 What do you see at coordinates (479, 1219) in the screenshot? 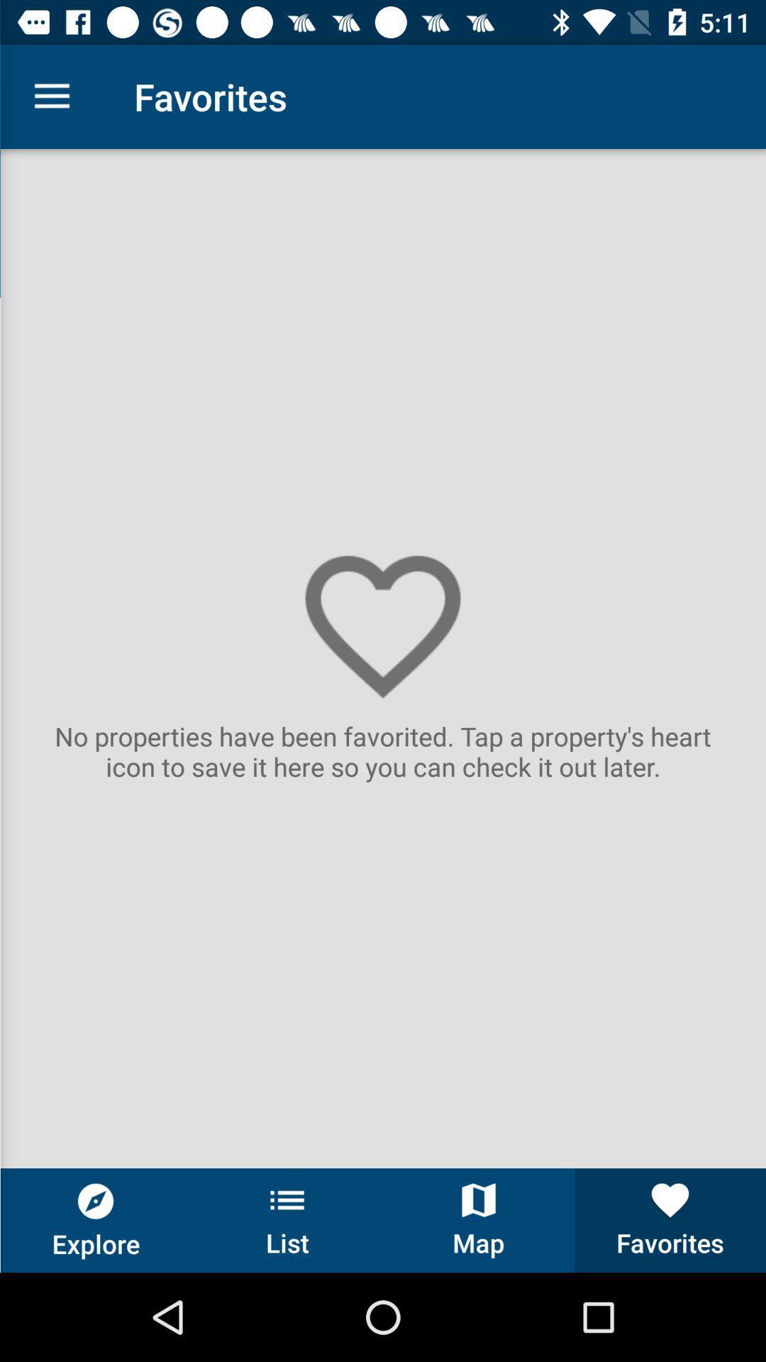
I see `map button` at bounding box center [479, 1219].